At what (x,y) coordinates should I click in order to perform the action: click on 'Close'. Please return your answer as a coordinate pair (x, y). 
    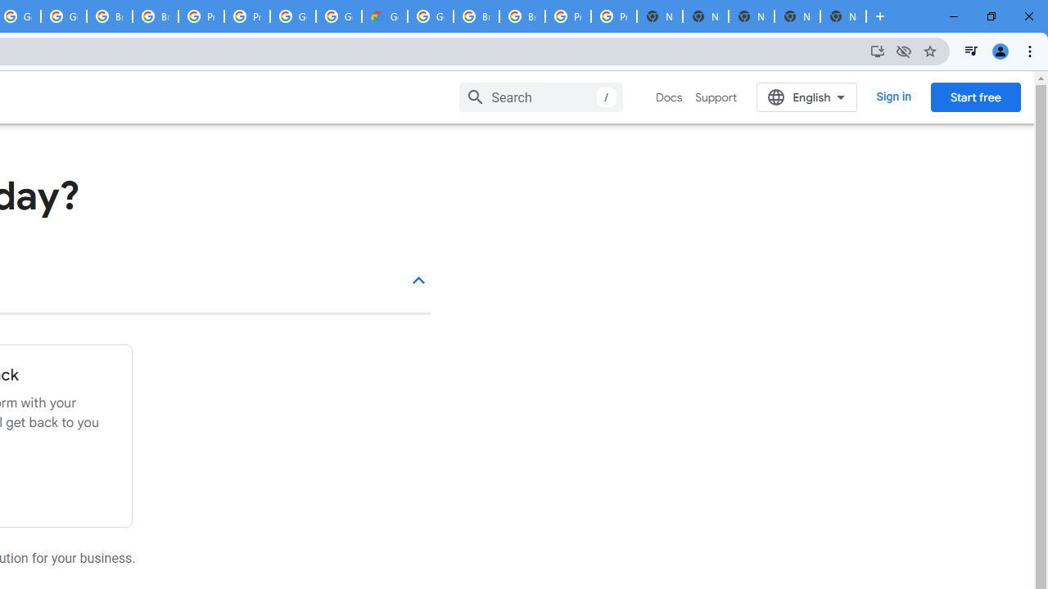
    Looking at the image, I should click on (1028, 16).